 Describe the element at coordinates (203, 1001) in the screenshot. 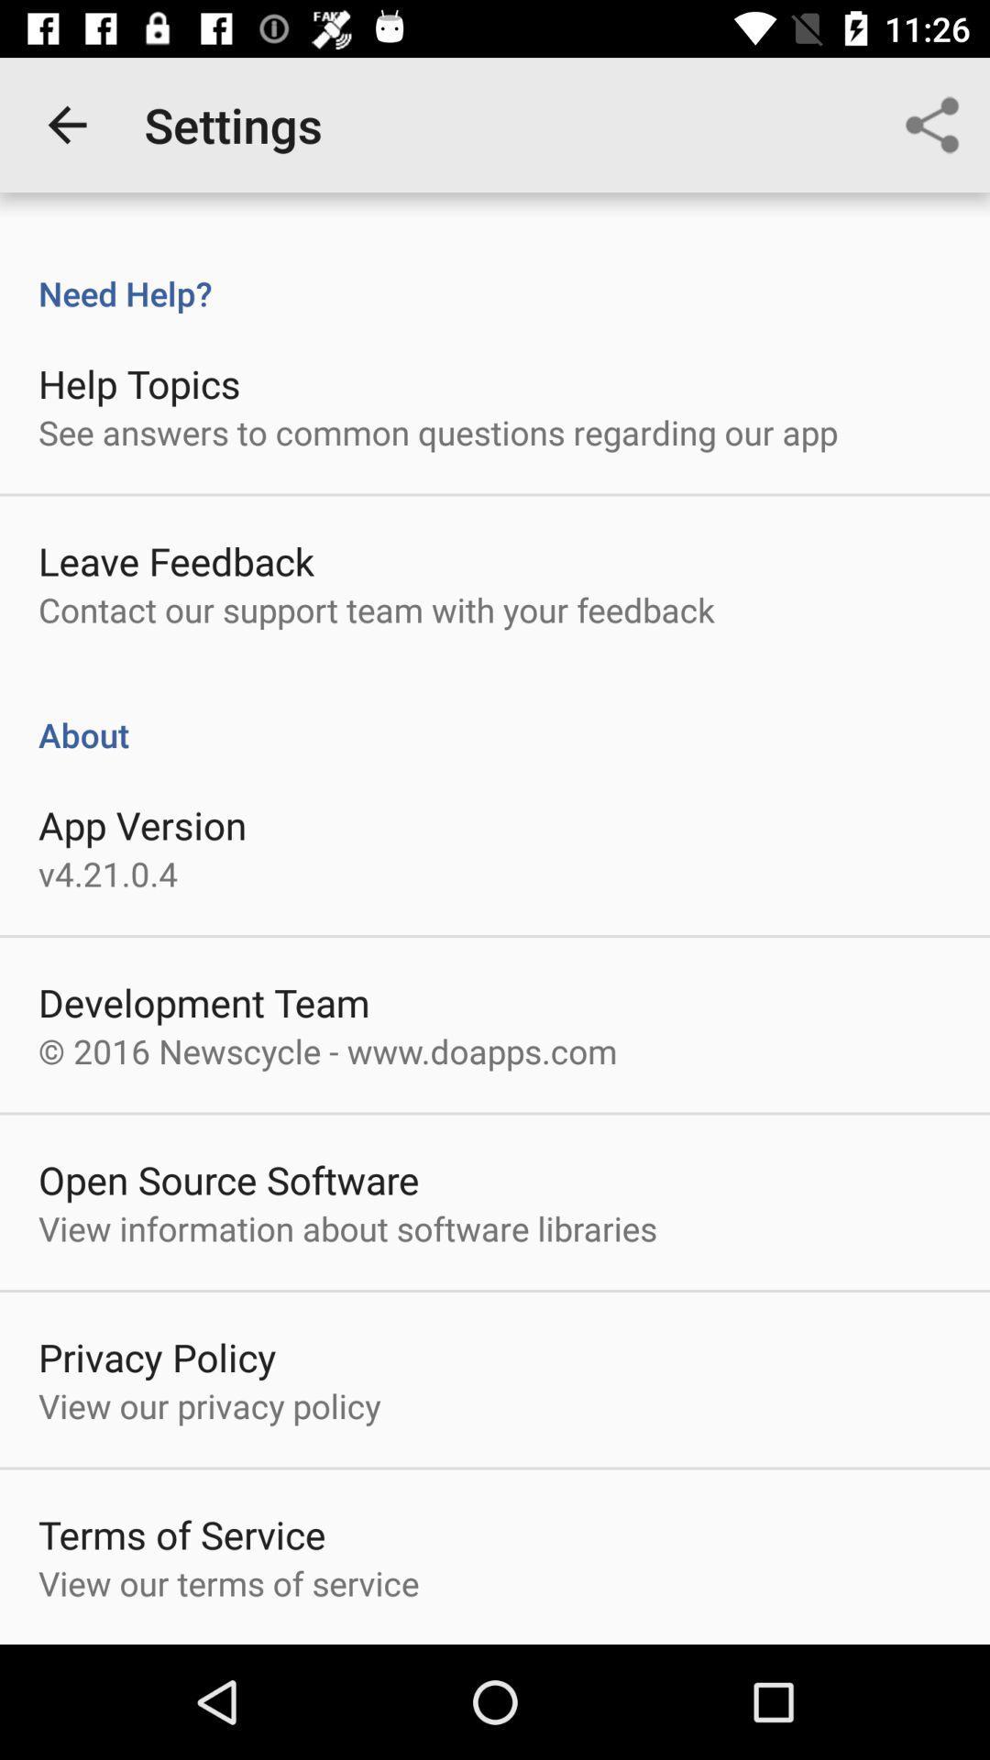

I see `the icon above 2016 newscycle www` at that location.